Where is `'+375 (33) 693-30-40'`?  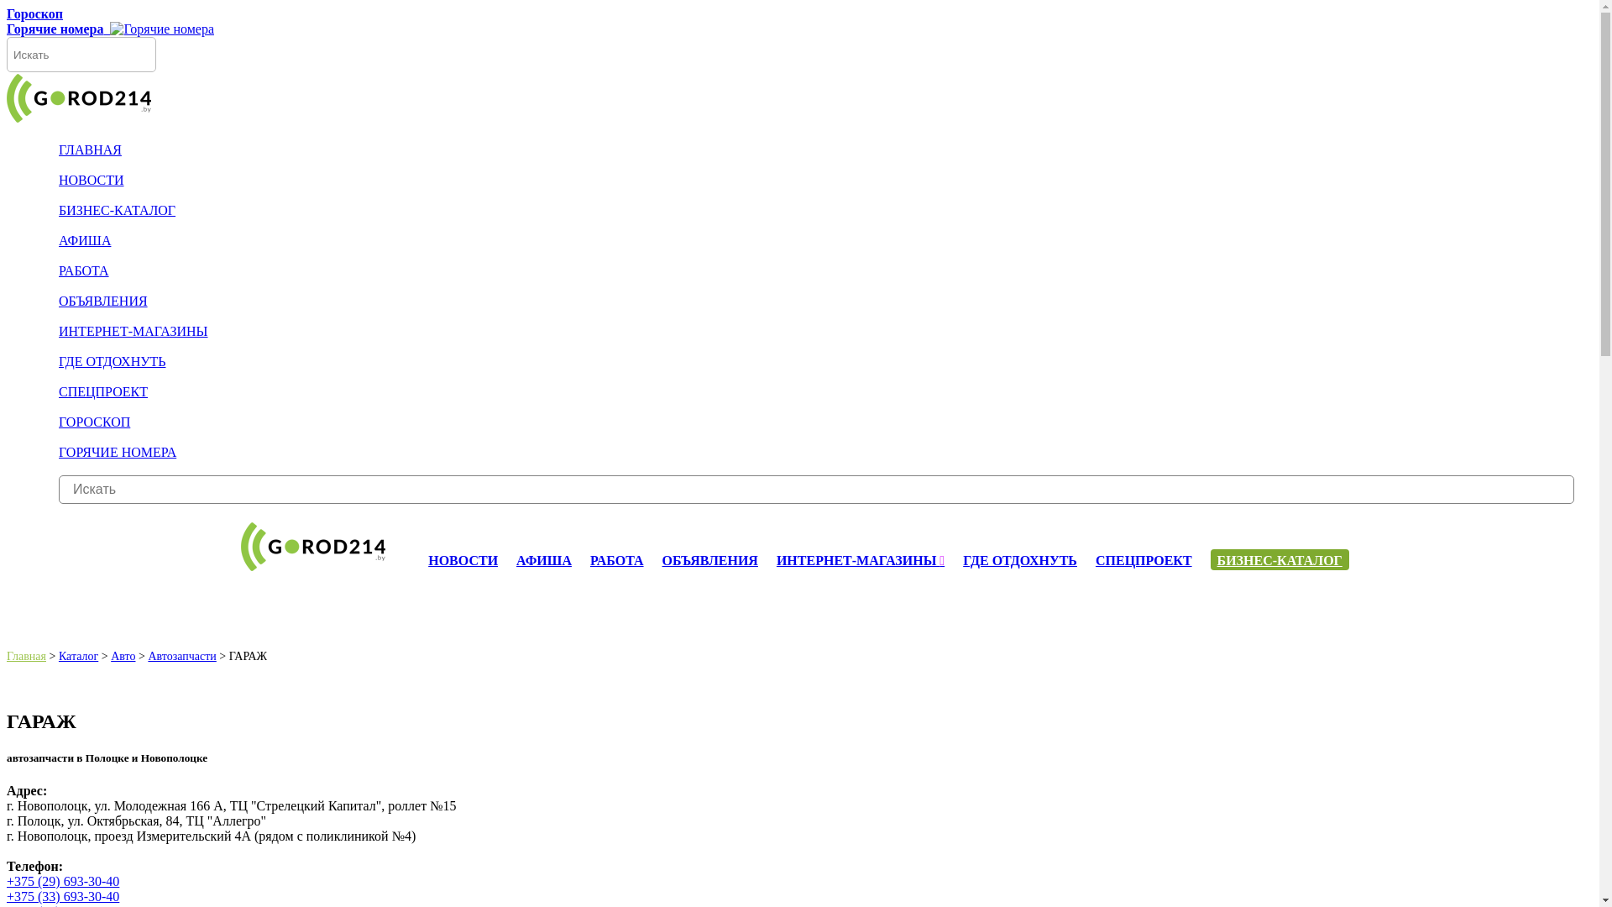 '+375 (33) 693-30-40' is located at coordinates (7, 895).